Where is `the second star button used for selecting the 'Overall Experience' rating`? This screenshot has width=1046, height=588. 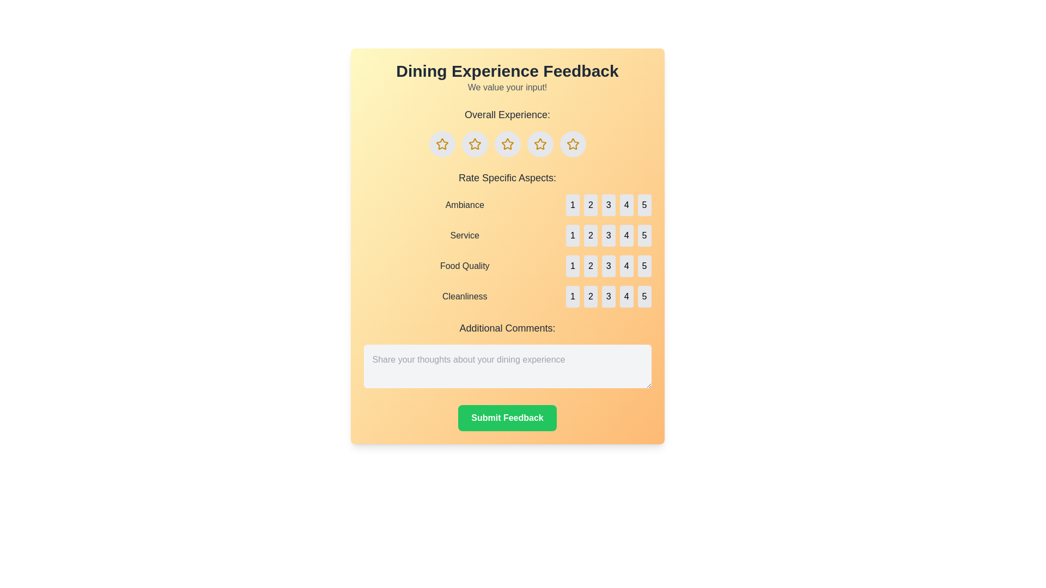
the second star button used for selecting the 'Overall Experience' rating is located at coordinates (475, 144).